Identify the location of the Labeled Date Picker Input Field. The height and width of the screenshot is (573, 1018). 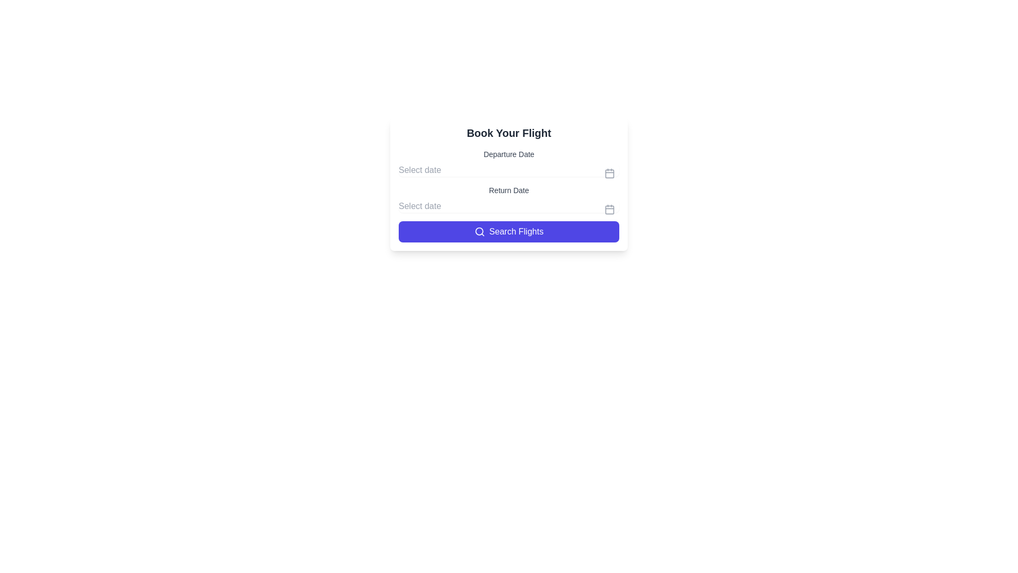
(509, 198).